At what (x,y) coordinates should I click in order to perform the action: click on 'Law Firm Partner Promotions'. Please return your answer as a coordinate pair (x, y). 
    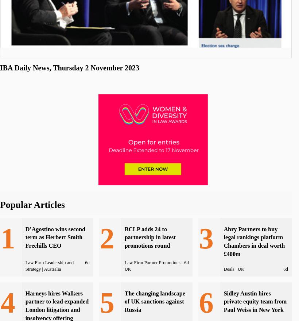
    Looking at the image, I should click on (152, 263).